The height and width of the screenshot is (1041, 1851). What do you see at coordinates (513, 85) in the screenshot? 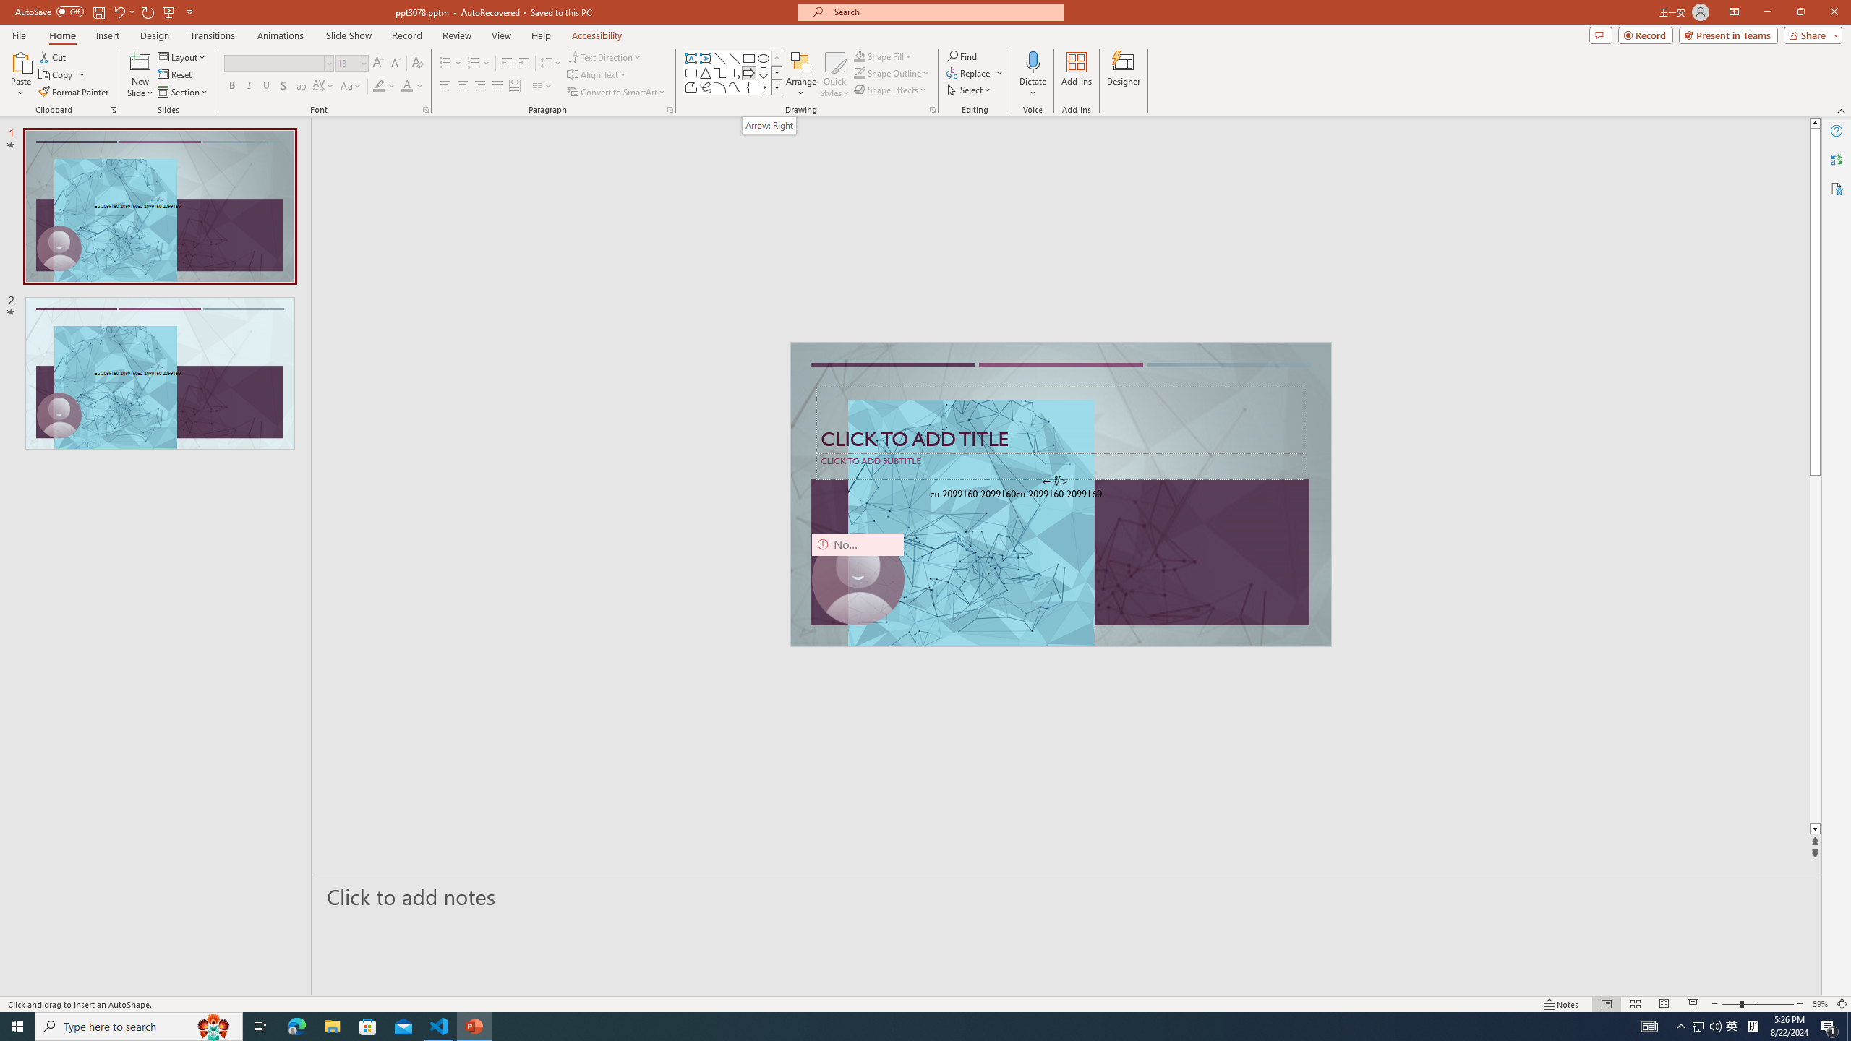
I see `'Distributed'` at bounding box center [513, 85].